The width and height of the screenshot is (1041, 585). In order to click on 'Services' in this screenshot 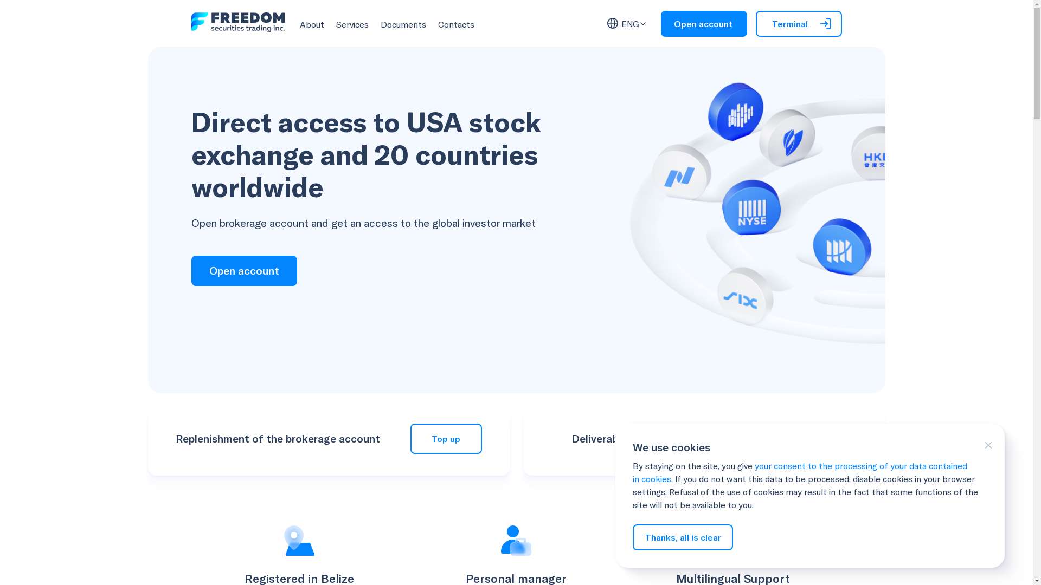, I will do `click(352, 24)`.